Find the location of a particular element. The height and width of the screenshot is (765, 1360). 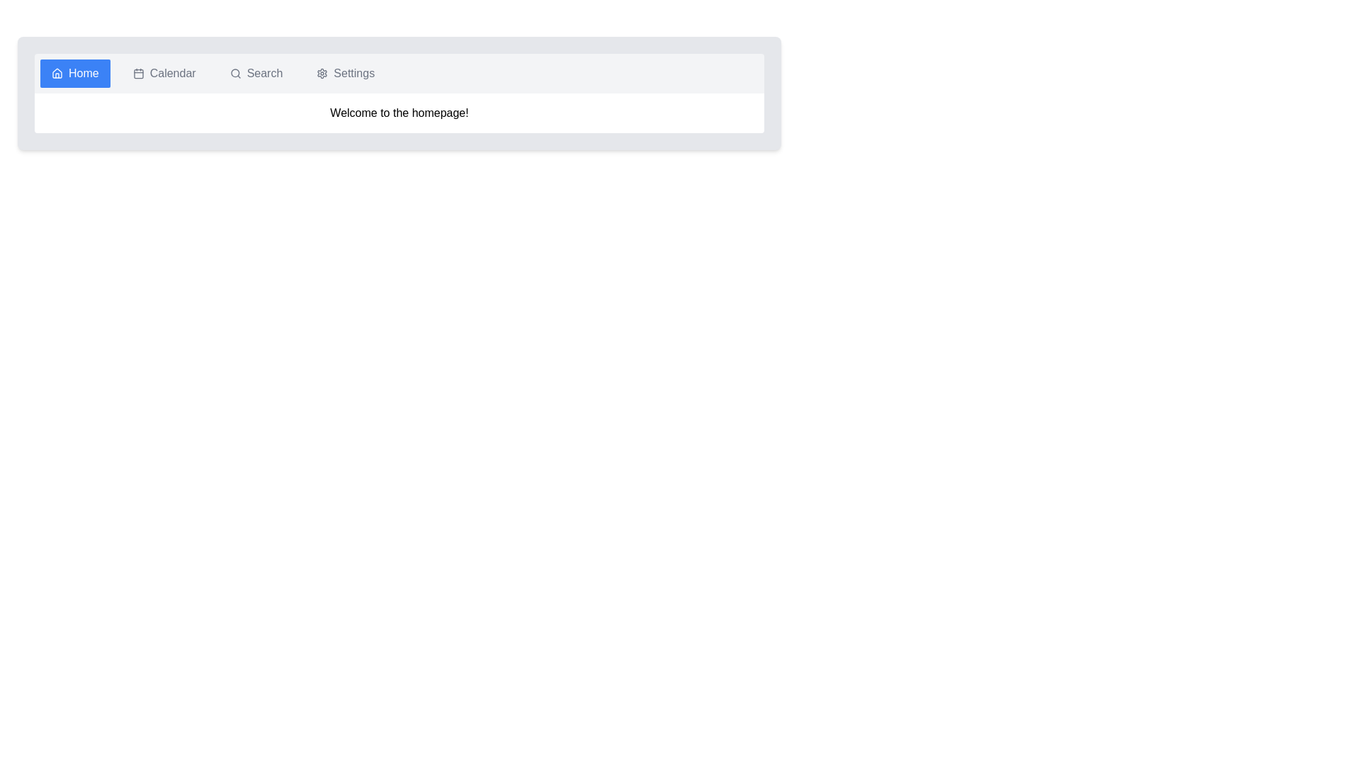

the house icon in the navigation bar, which is located adjacent to the 'Home' label on its left, representing the Home section is located at coordinates (57, 73).